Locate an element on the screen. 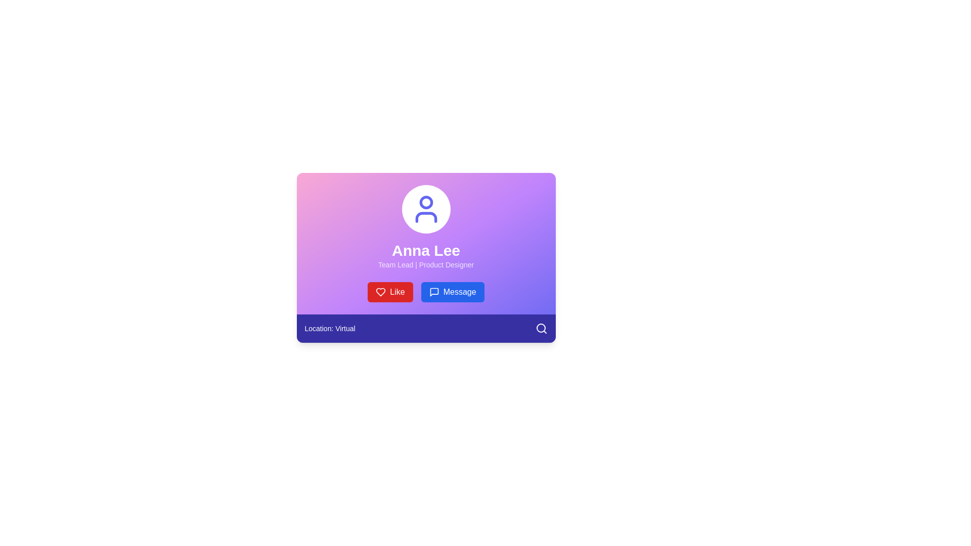 The height and width of the screenshot is (546, 971). the blue speech bubble icon, which is part of the 'Message' button located to the right of the red 'Like' button is located at coordinates (434, 292).